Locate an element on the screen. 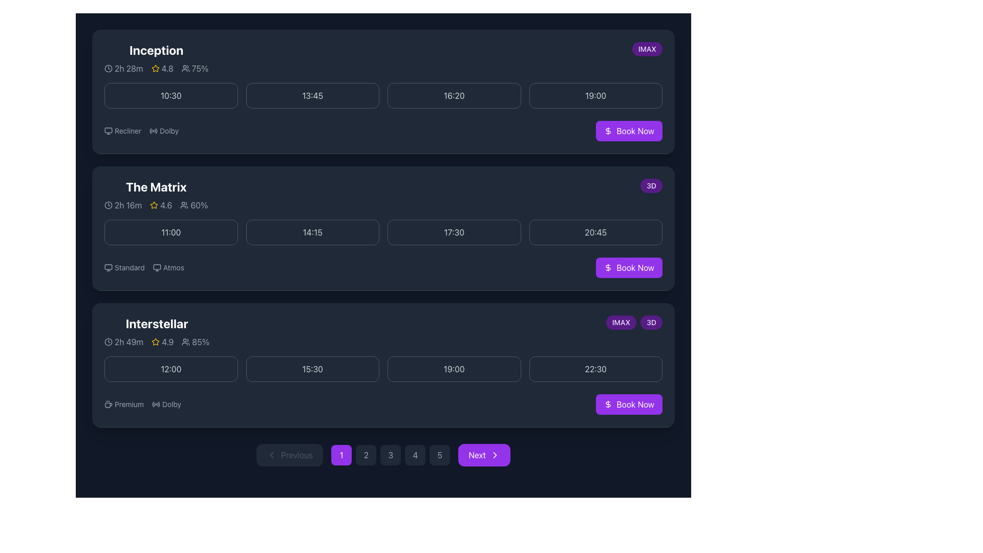 This screenshot has width=983, height=553. the first button in the grid layout that serves as a selection interface for choosing a time is located at coordinates (171, 95).